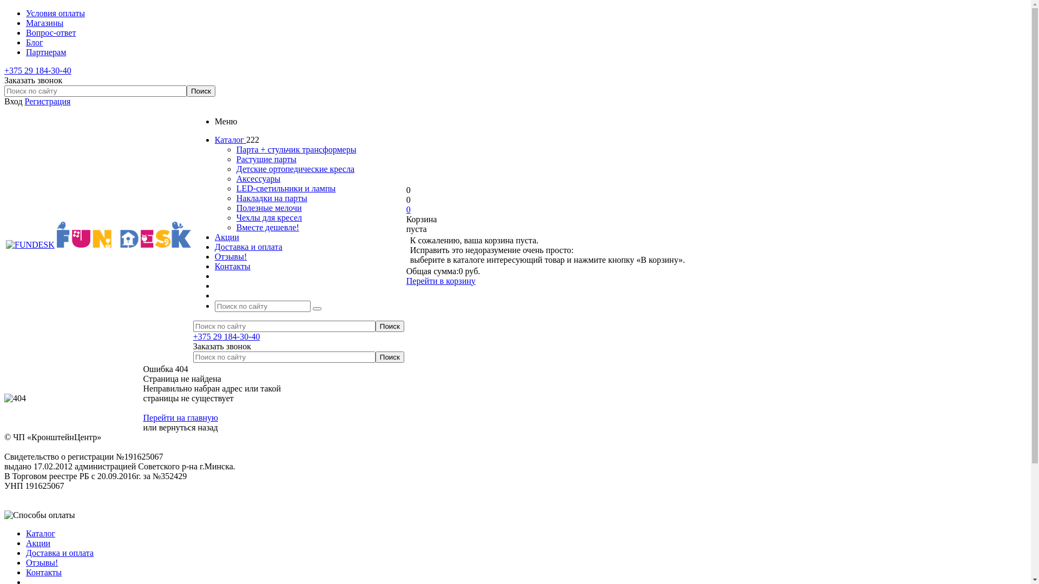  Describe the element at coordinates (4, 398) in the screenshot. I see `':-('` at that location.